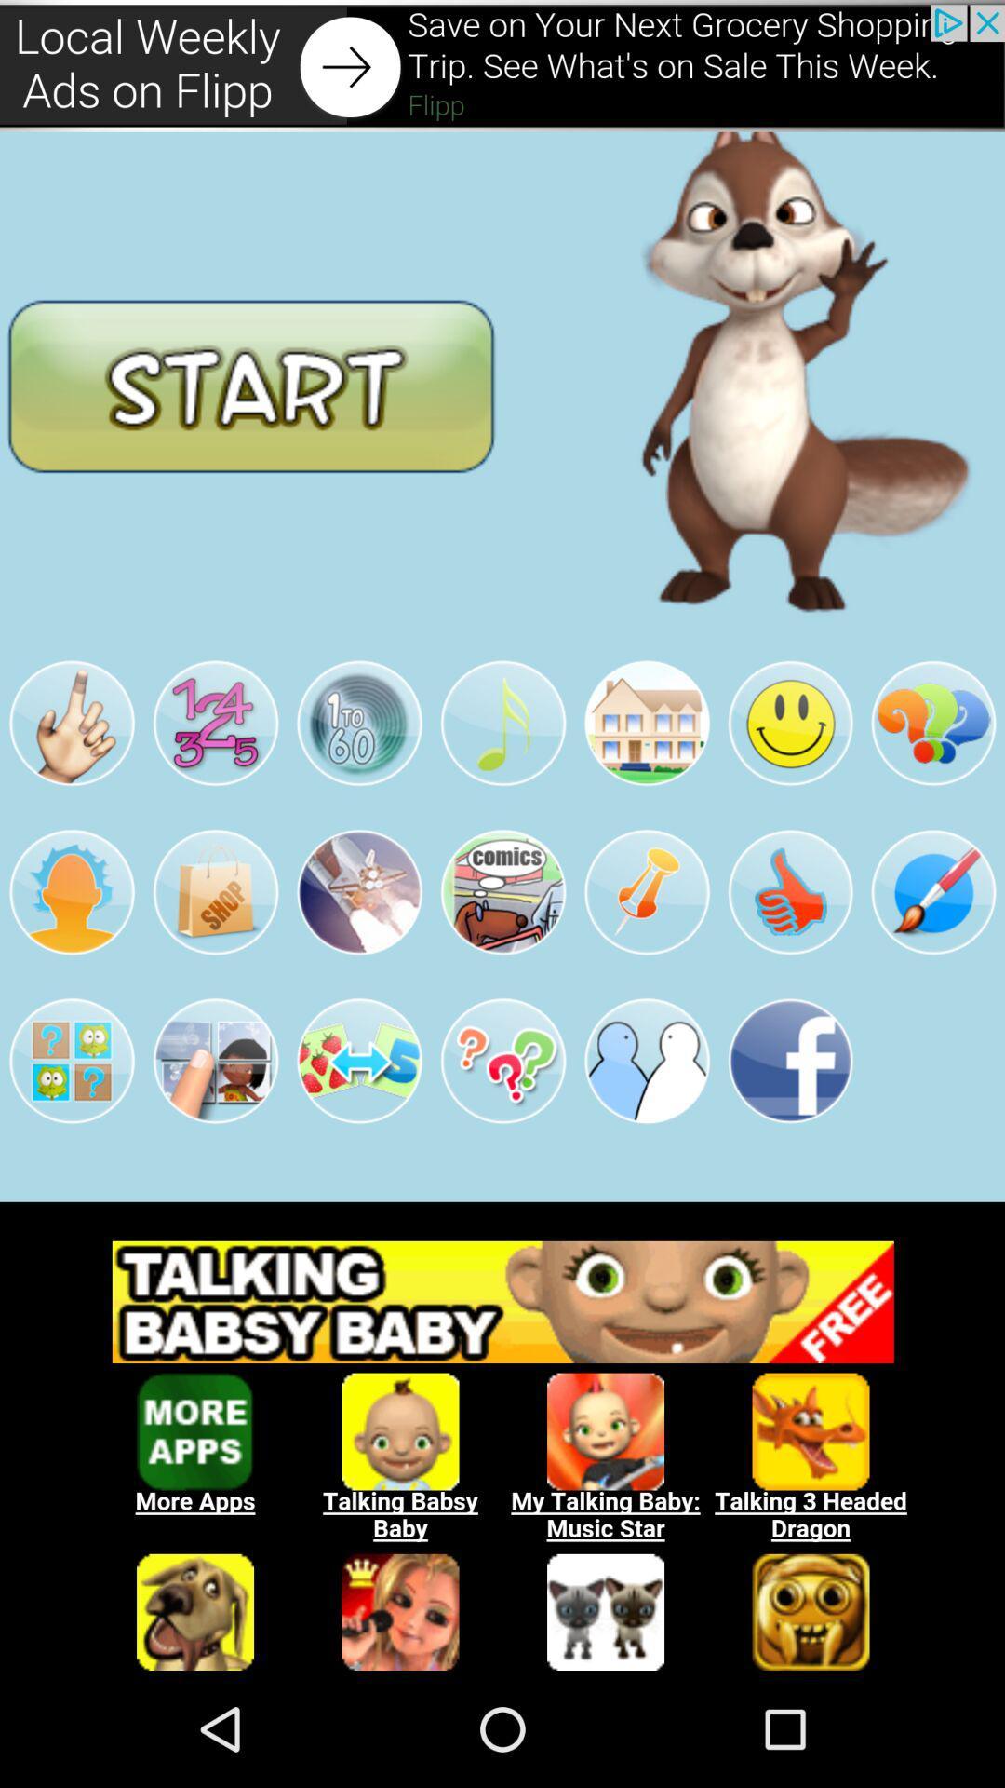 The width and height of the screenshot is (1005, 1788). I want to click on the facebook icon, so click(790, 1134).